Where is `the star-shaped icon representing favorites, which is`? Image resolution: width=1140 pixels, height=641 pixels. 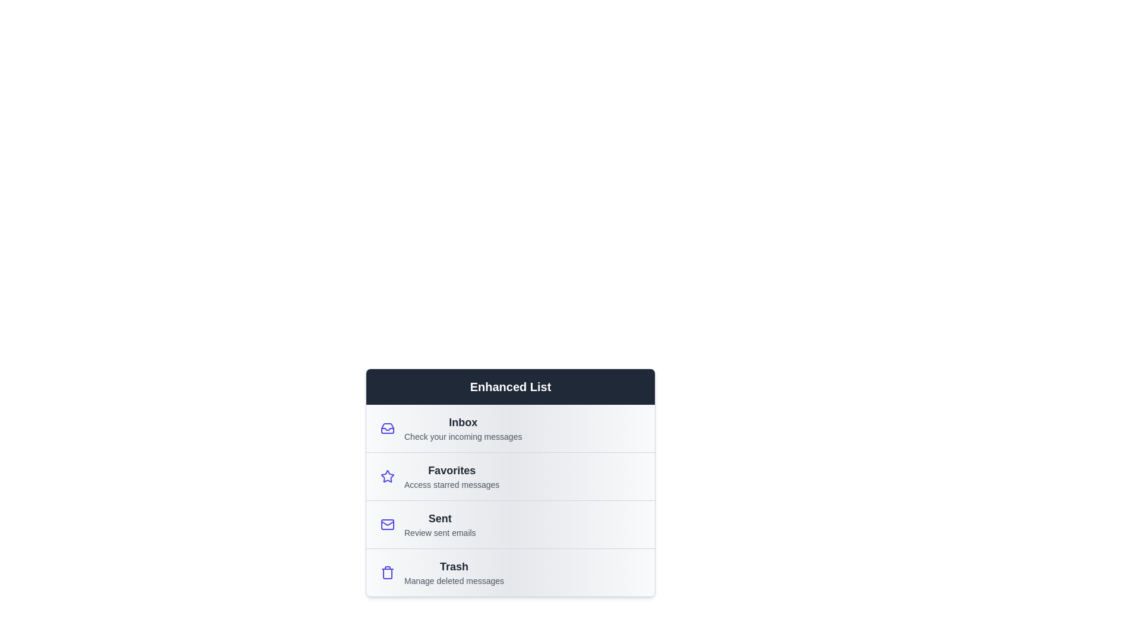 the star-shaped icon representing favorites, which is is located at coordinates (387, 475).